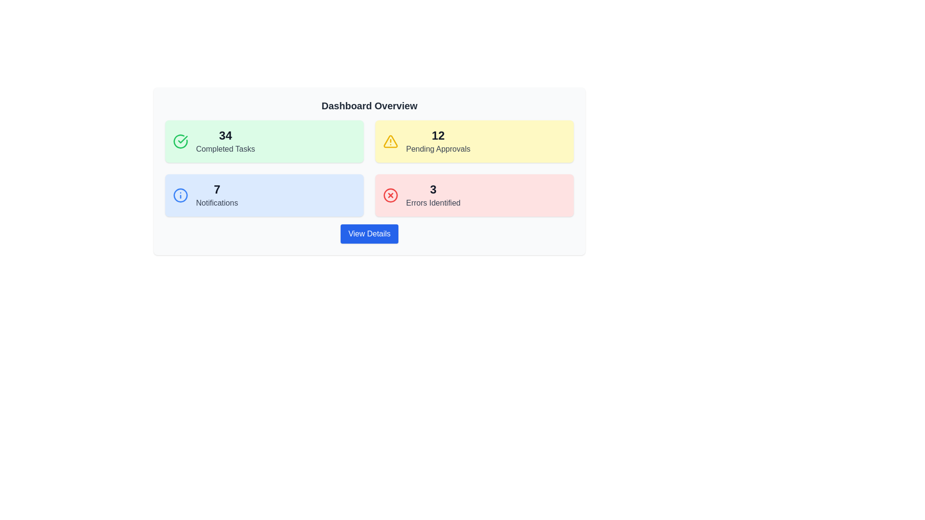 The image size is (925, 520). What do you see at coordinates (369, 234) in the screenshot?
I see `the prominent blue 'View Details' button with white text` at bounding box center [369, 234].